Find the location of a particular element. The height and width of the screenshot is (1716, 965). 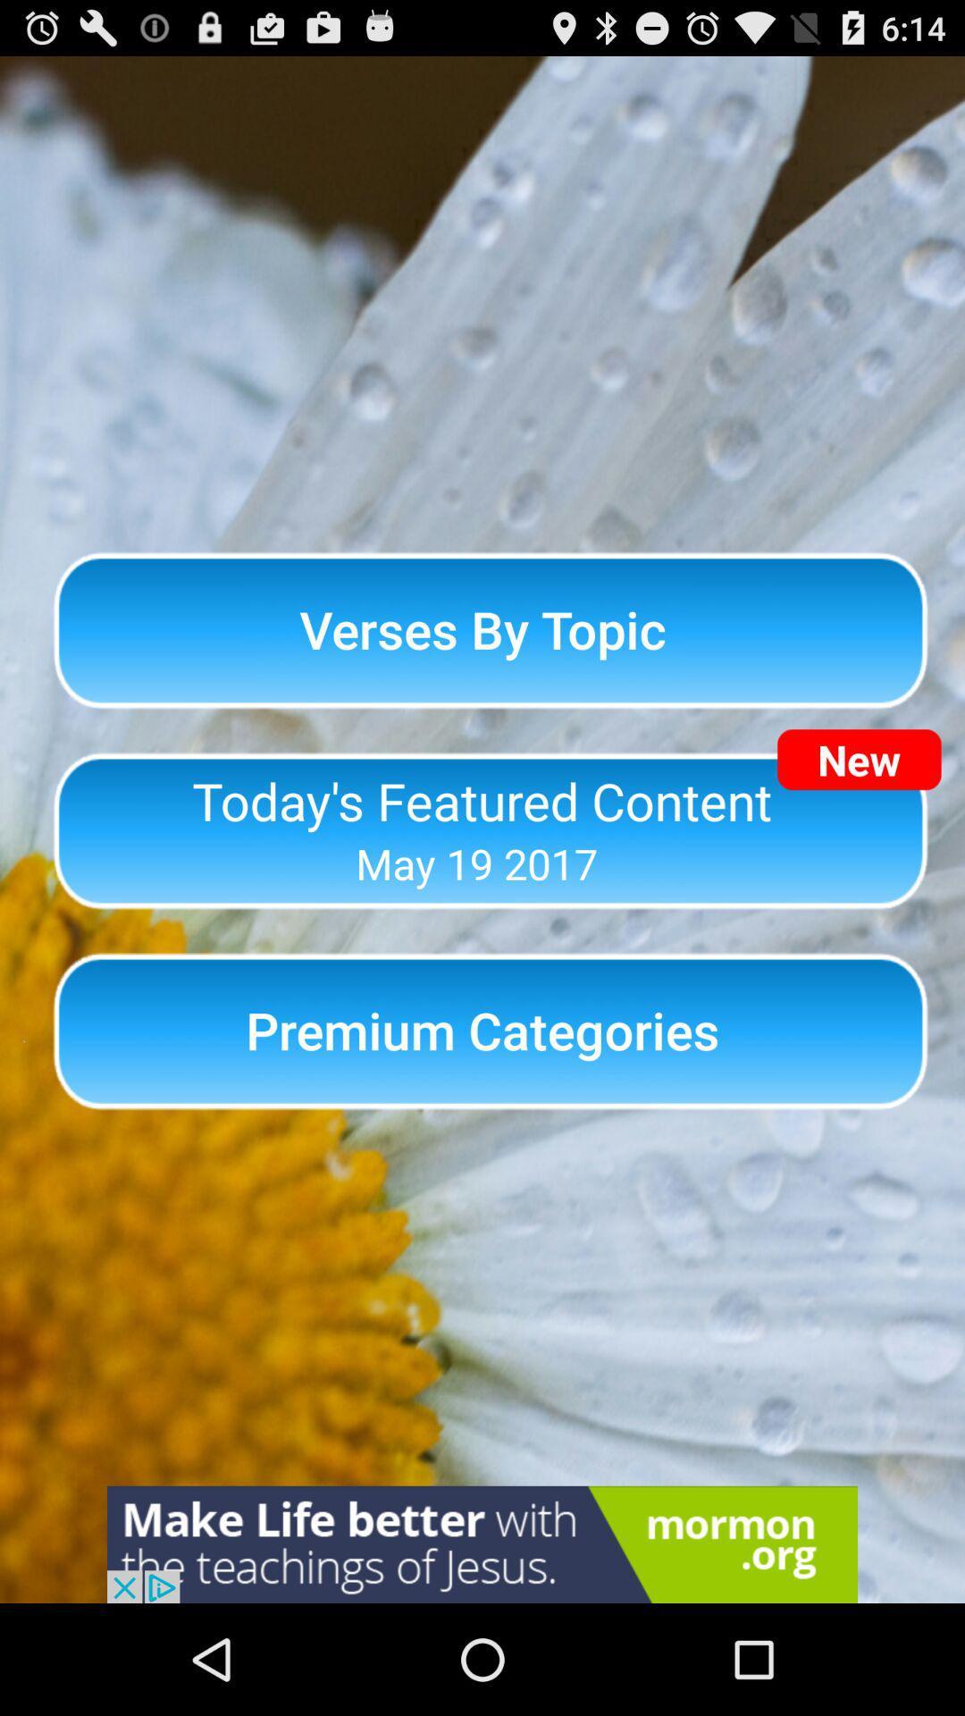

open advertisement is located at coordinates (482, 1544).